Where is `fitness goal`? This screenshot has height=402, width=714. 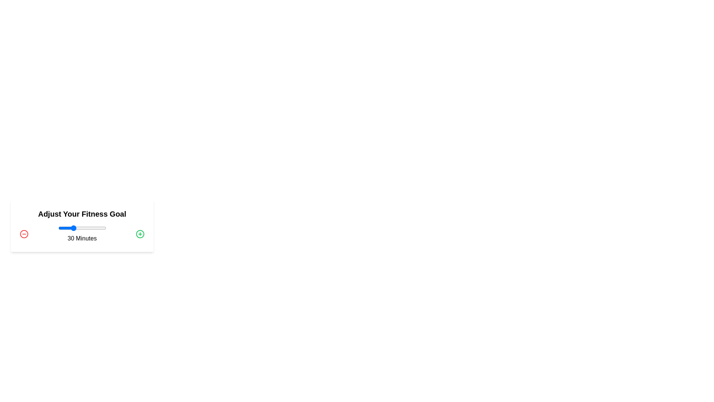 fitness goal is located at coordinates (67, 228).